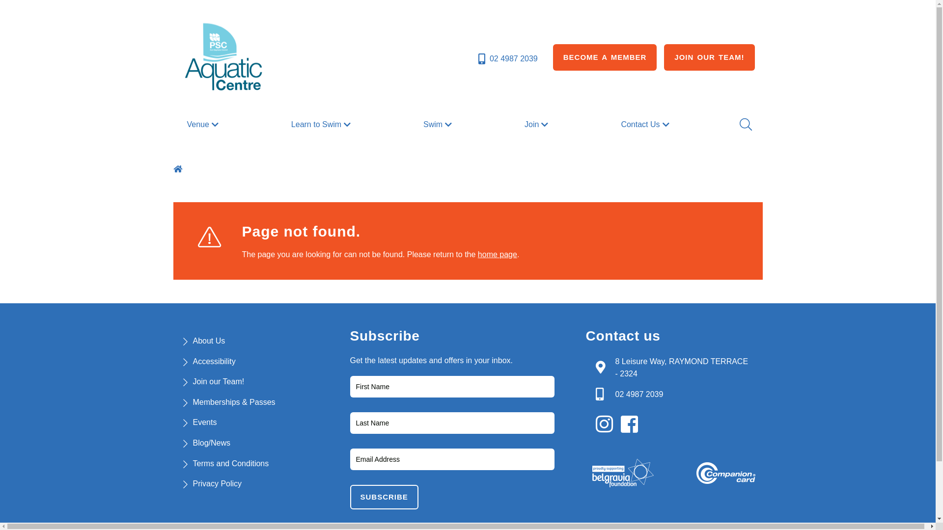  What do you see at coordinates (476, 58) in the screenshot?
I see `'02 4987 2039'` at bounding box center [476, 58].